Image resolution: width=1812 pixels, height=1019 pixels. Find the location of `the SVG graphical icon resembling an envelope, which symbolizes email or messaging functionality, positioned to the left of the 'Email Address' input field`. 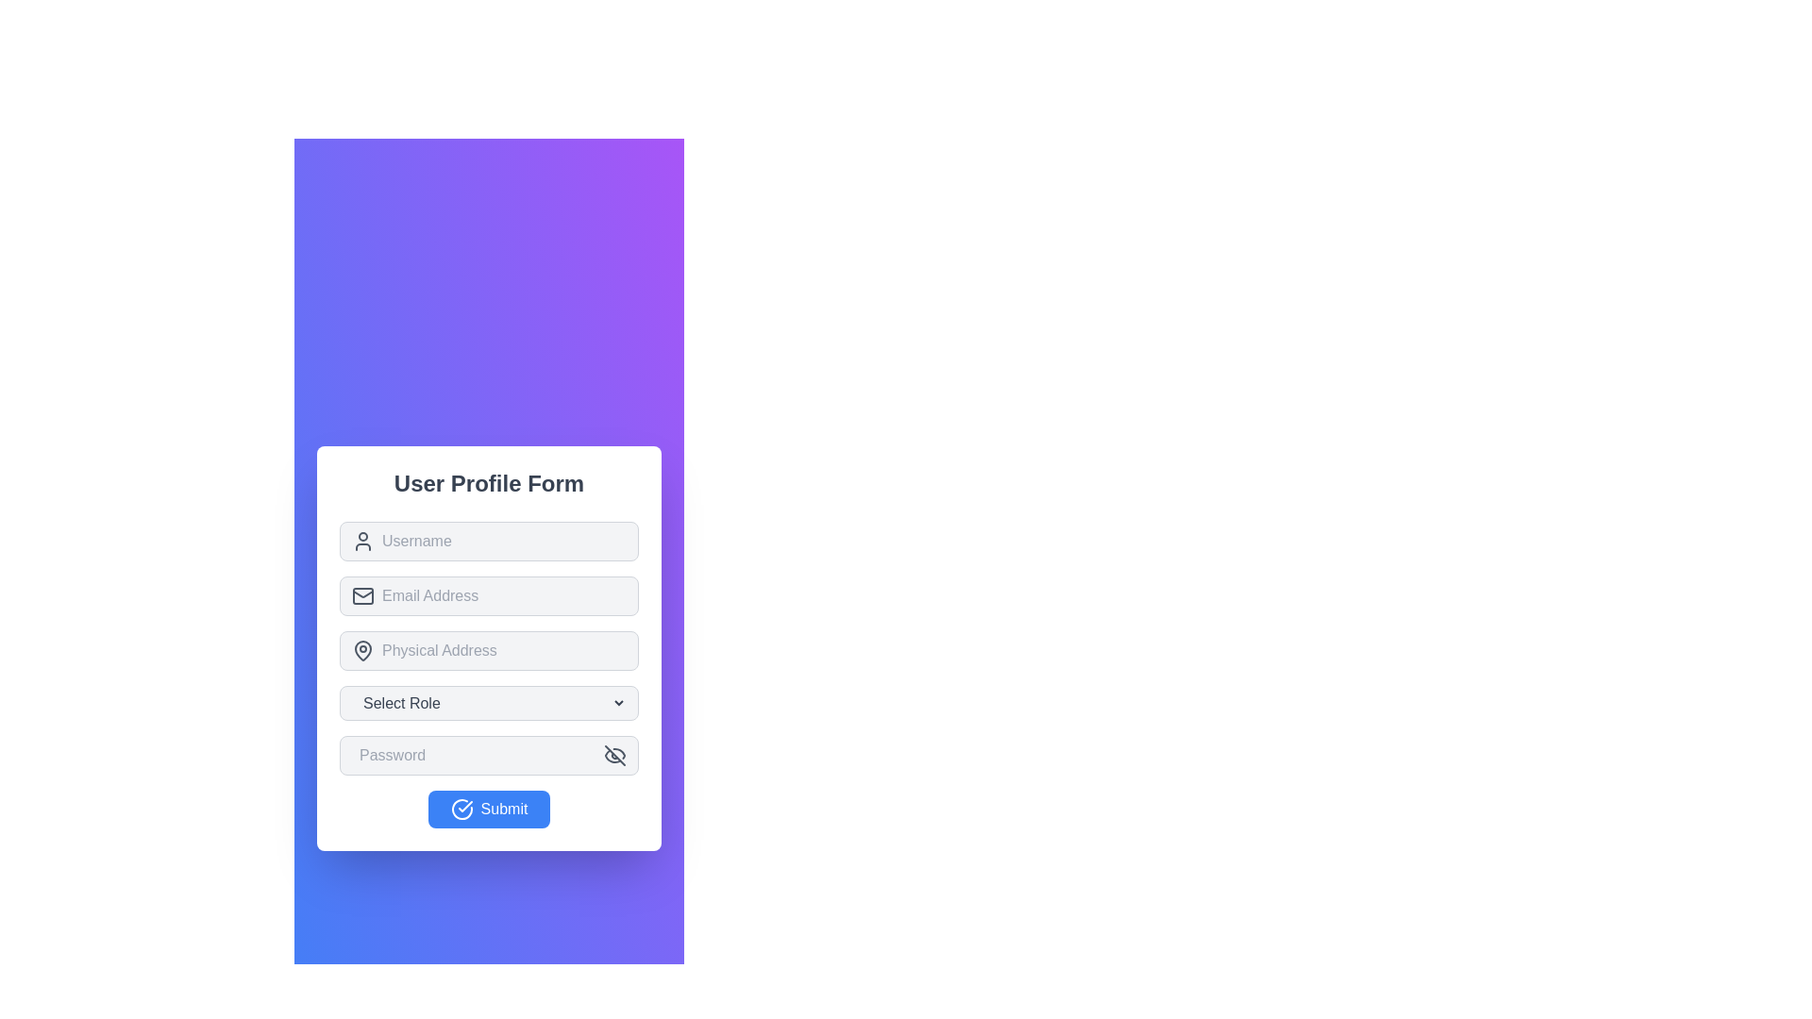

the SVG graphical icon resembling an envelope, which symbolizes email or messaging functionality, positioned to the left of the 'Email Address' input field is located at coordinates (362, 595).